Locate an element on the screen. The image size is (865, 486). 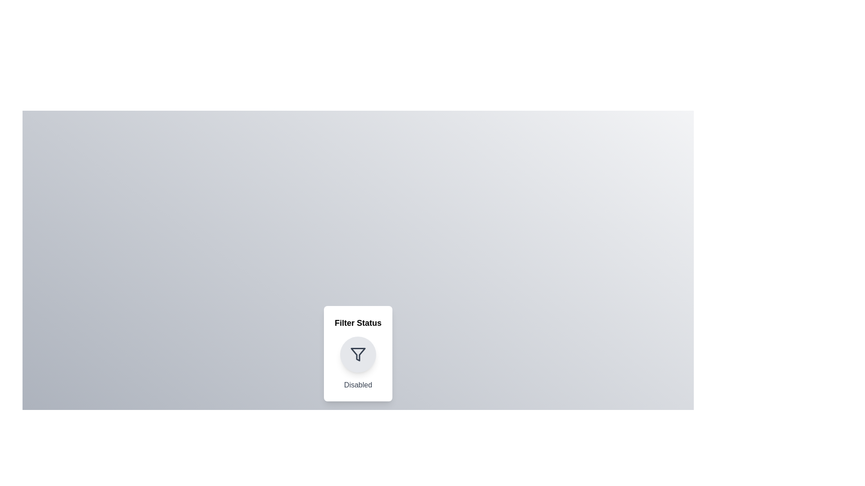
the toggle button to toggle the filter status is located at coordinates (358, 354).